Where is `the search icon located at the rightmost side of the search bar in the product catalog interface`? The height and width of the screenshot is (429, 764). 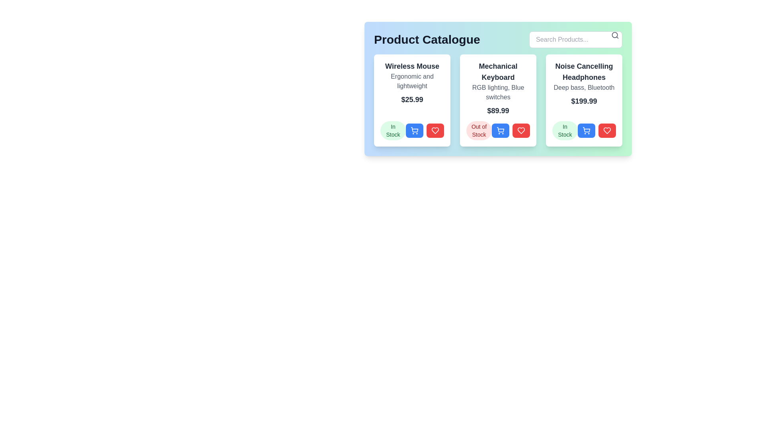
the search icon located at the rightmost side of the search bar in the product catalog interface is located at coordinates (614, 35).